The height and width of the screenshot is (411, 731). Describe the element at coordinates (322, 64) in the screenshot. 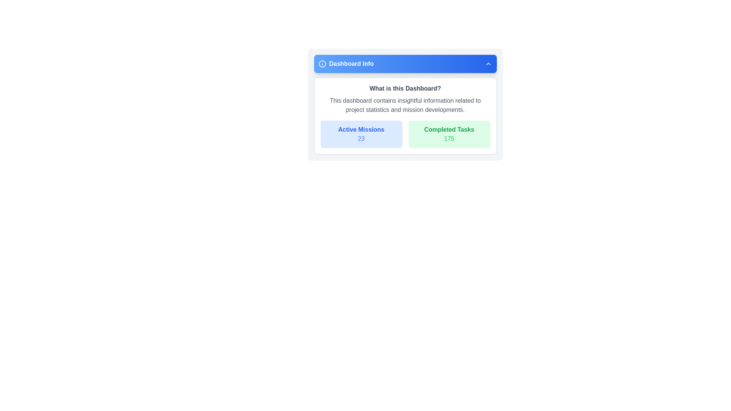

I see `the circular blue icon with a white information symbol located to the left of the text 'Dashboard Info' in the blue header bar` at that location.